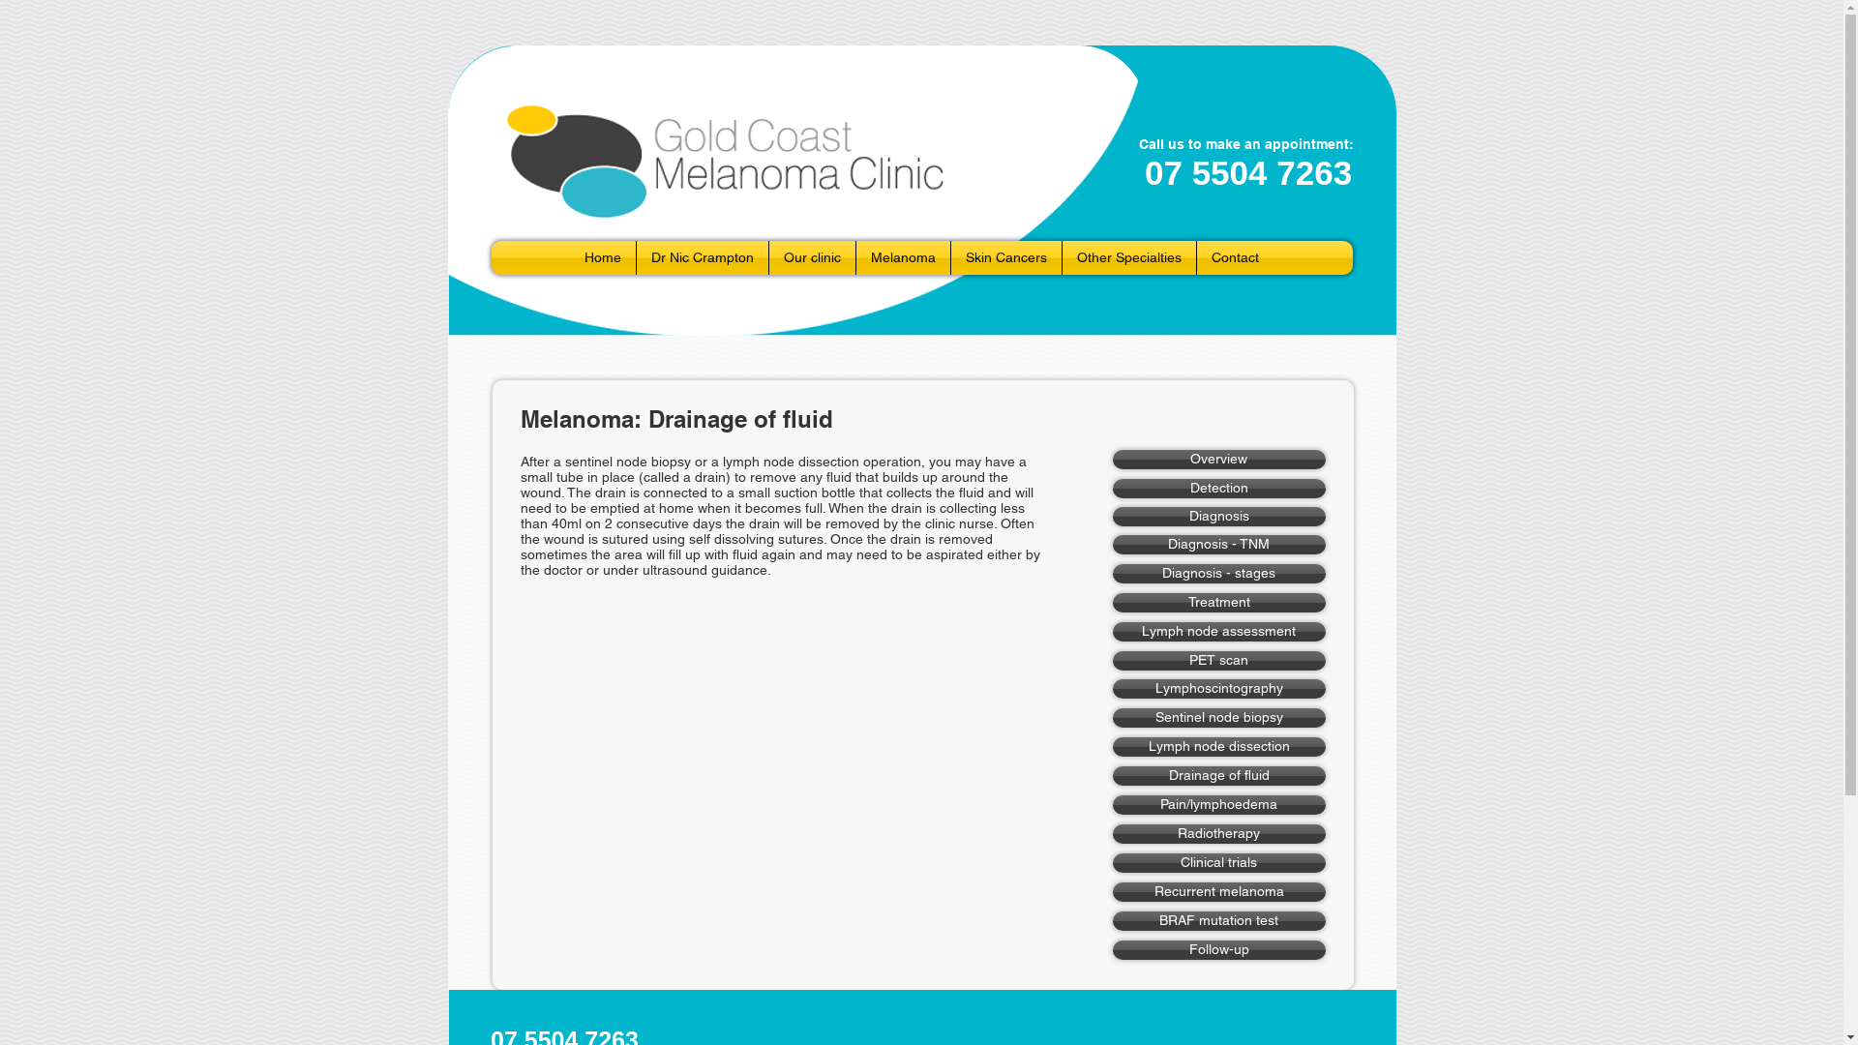 This screenshot has height=1045, width=1858. I want to click on 'Drainage of fluid', so click(1217, 775).